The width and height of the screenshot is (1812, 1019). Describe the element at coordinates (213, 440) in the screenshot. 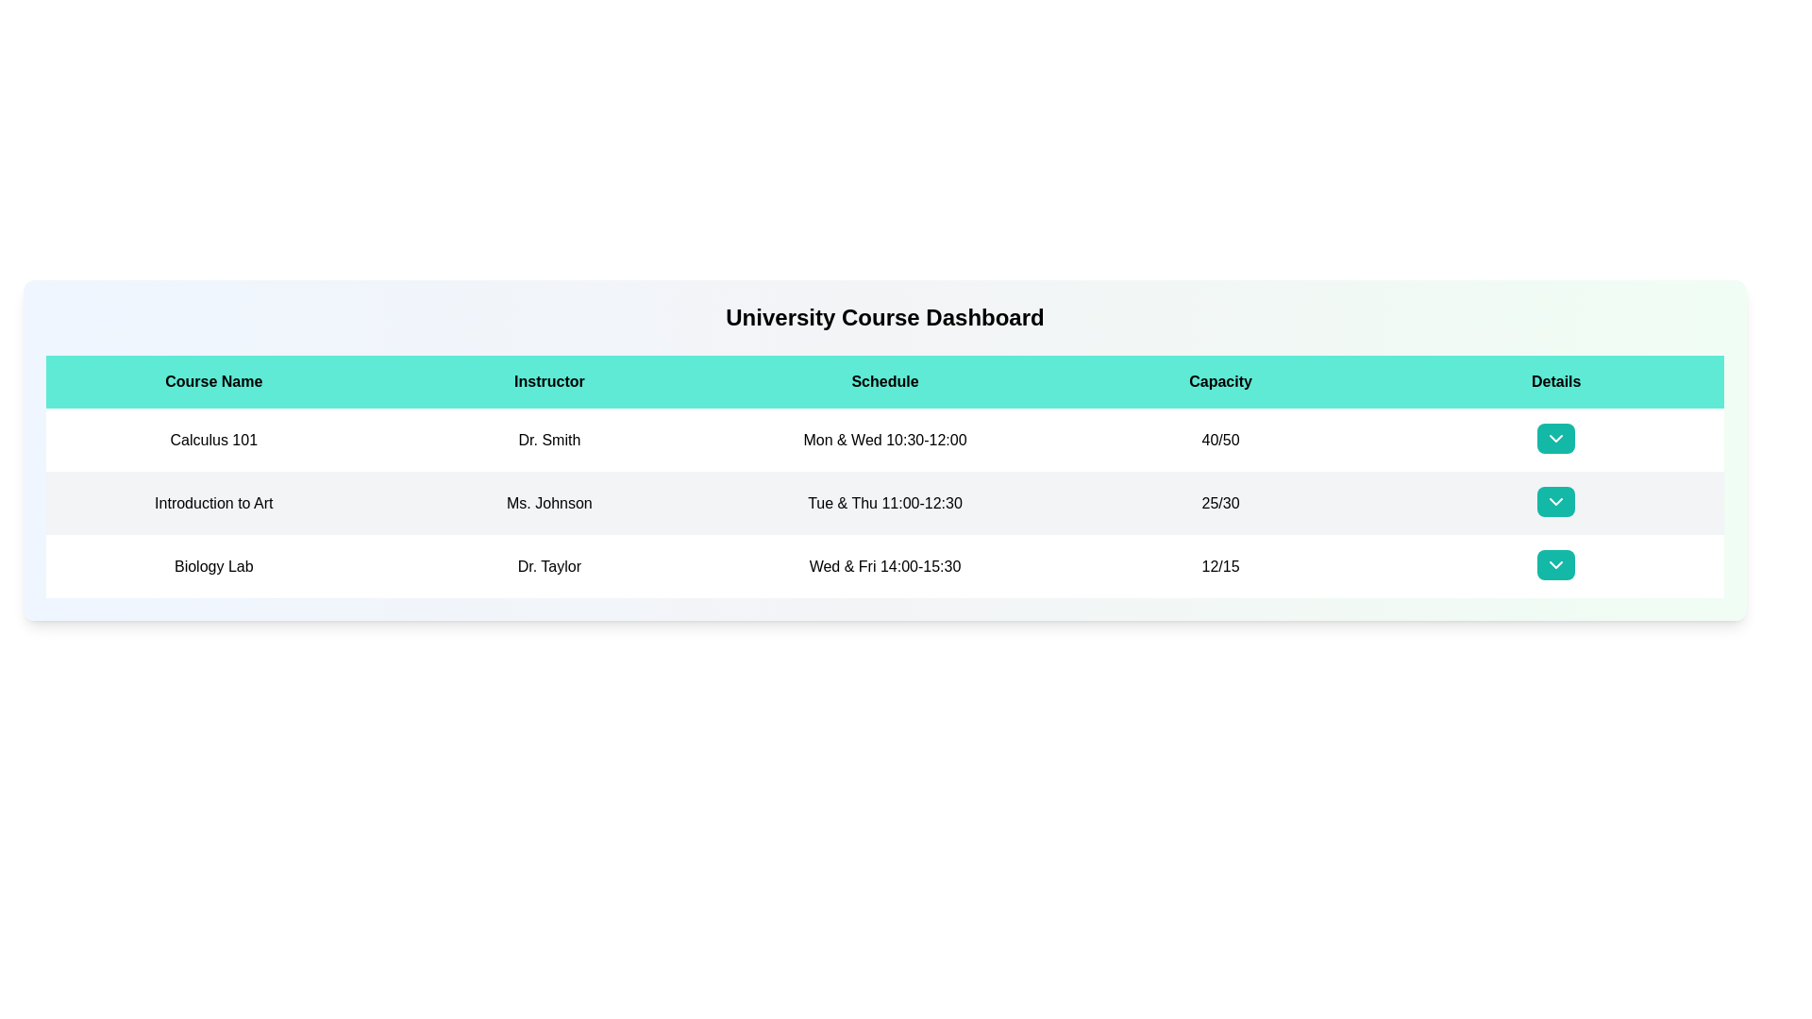

I see `the text label displaying 'Calculus 101' located under the 'Course Name' header in the table` at that location.